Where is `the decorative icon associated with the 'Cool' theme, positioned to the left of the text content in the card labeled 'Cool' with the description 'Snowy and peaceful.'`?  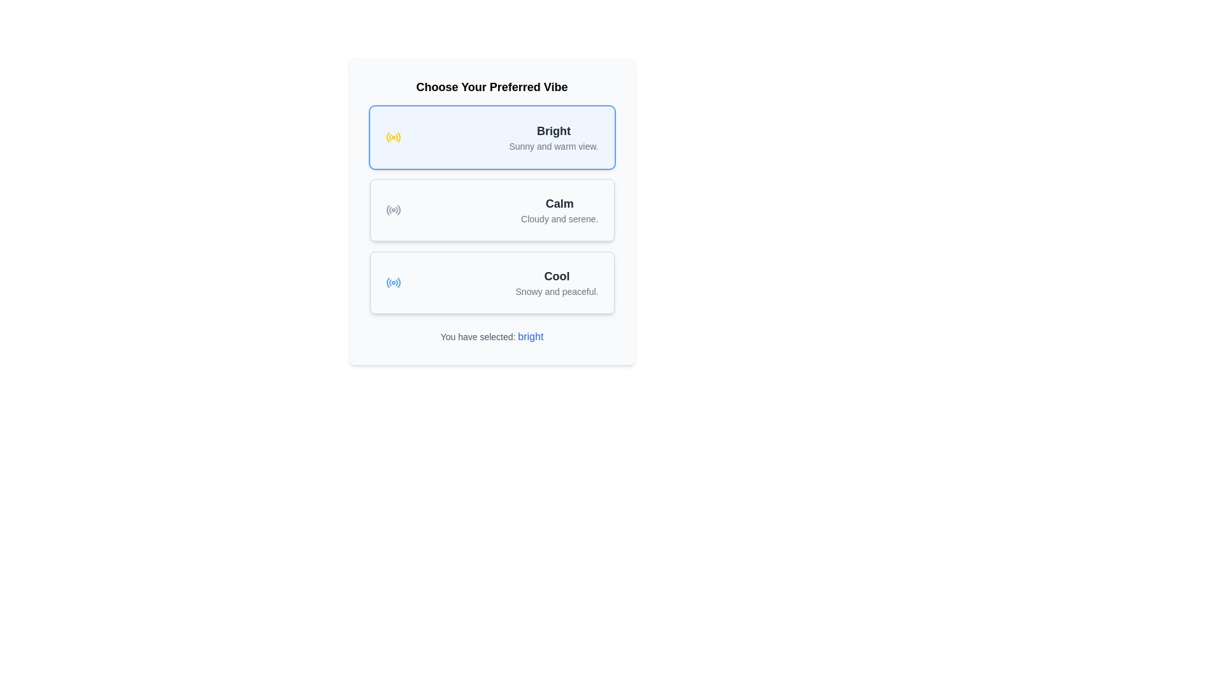
the decorative icon associated with the 'Cool' theme, positioned to the left of the text content in the card labeled 'Cool' with the description 'Snowy and peaceful.' is located at coordinates (392, 282).